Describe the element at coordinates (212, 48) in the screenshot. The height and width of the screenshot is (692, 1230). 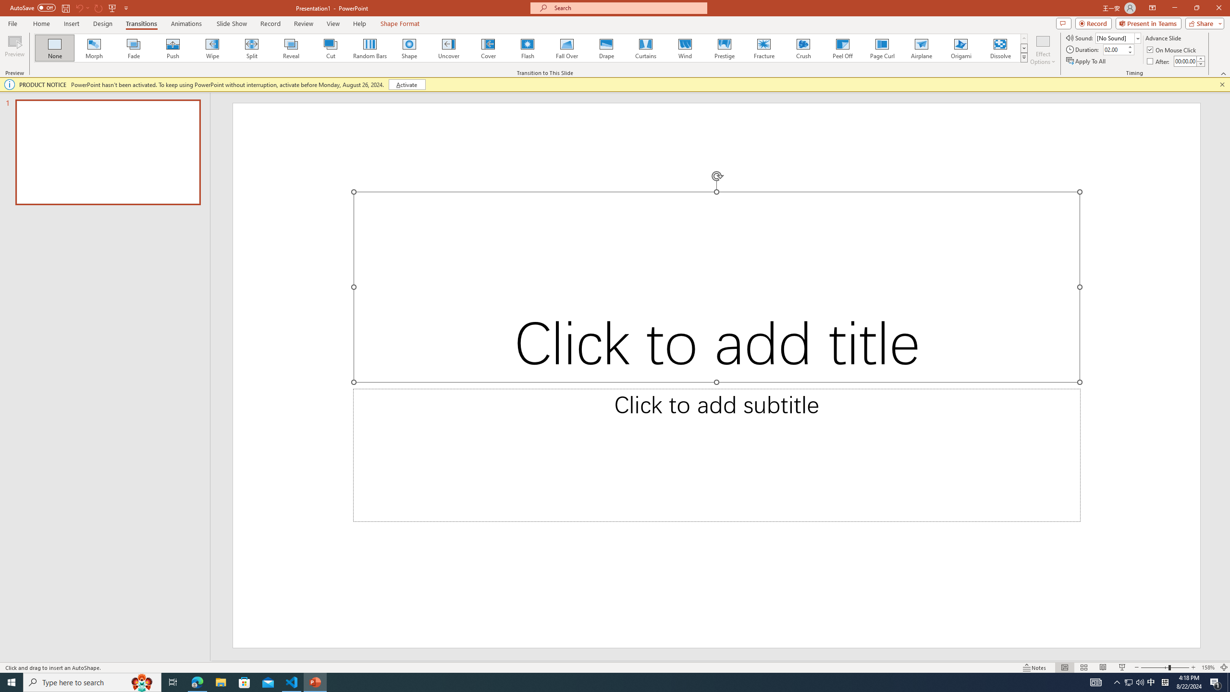
I see `'Wipe'` at that location.